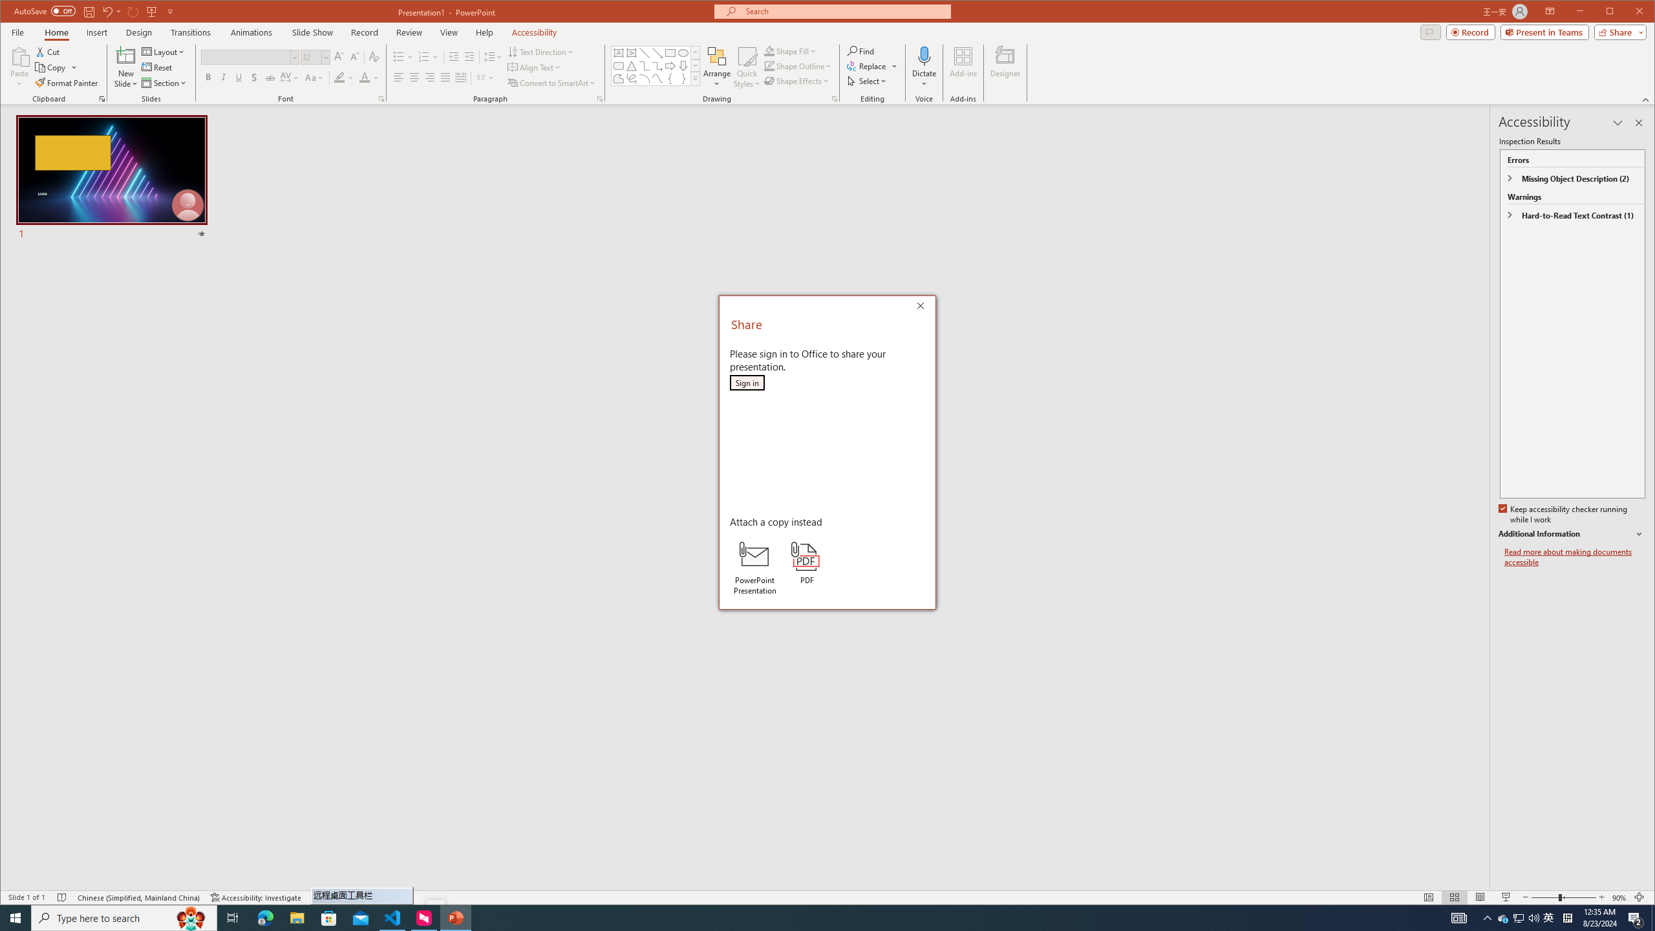 This screenshot has width=1655, height=931. I want to click on 'Sign in', so click(746, 381).